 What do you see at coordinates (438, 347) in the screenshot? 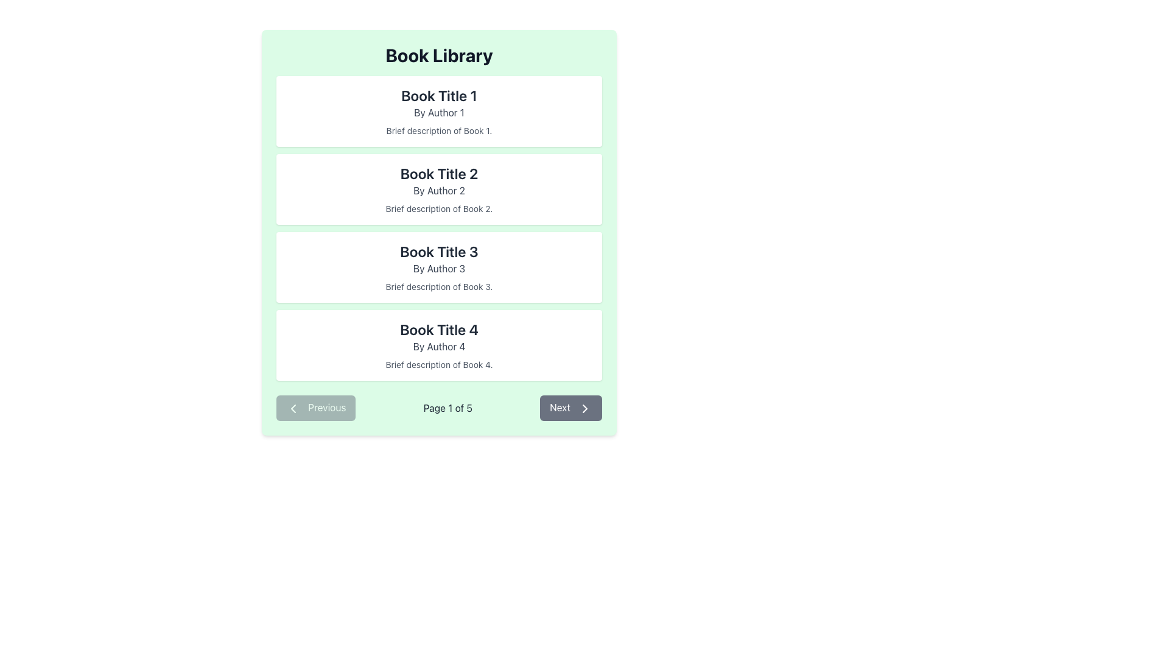
I see `the text label that reads 'By Author 4', which is located in the fourth card of the book listing on the 'Book Library' page, positioned below 'Book Title 4' and above 'Brief description of Book 4'` at bounding box center [438, 347].